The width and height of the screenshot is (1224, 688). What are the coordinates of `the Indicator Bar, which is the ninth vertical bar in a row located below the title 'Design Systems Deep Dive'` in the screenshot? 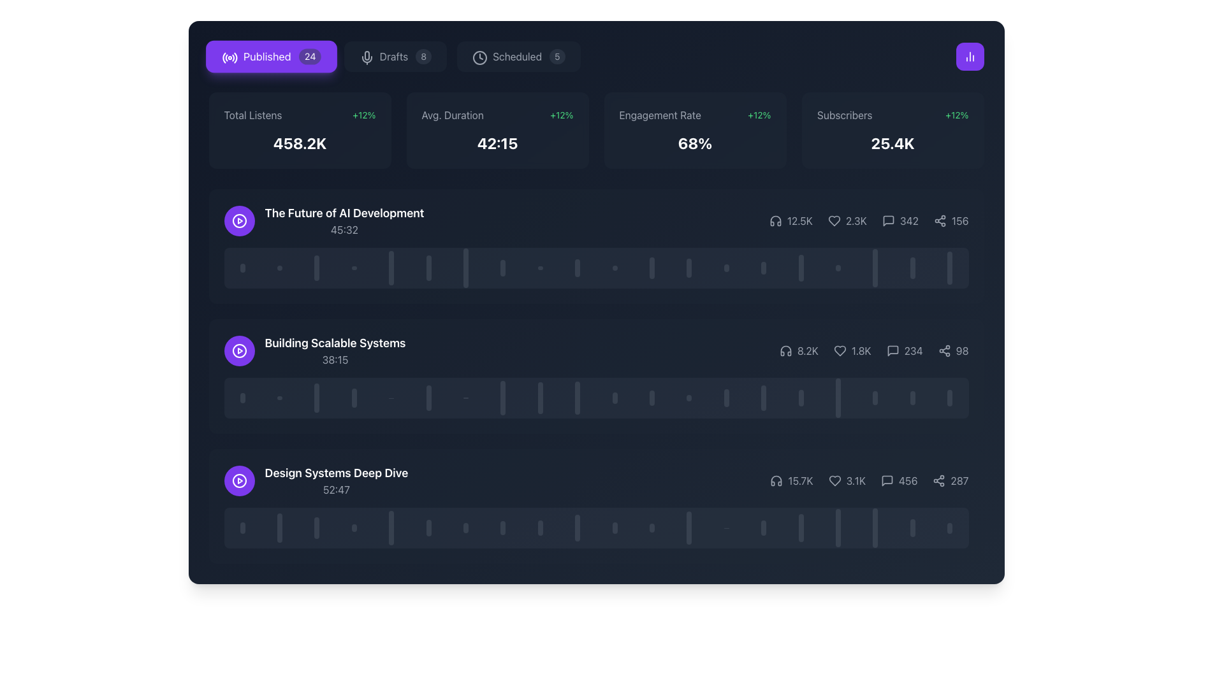 It's located at (540, 528).